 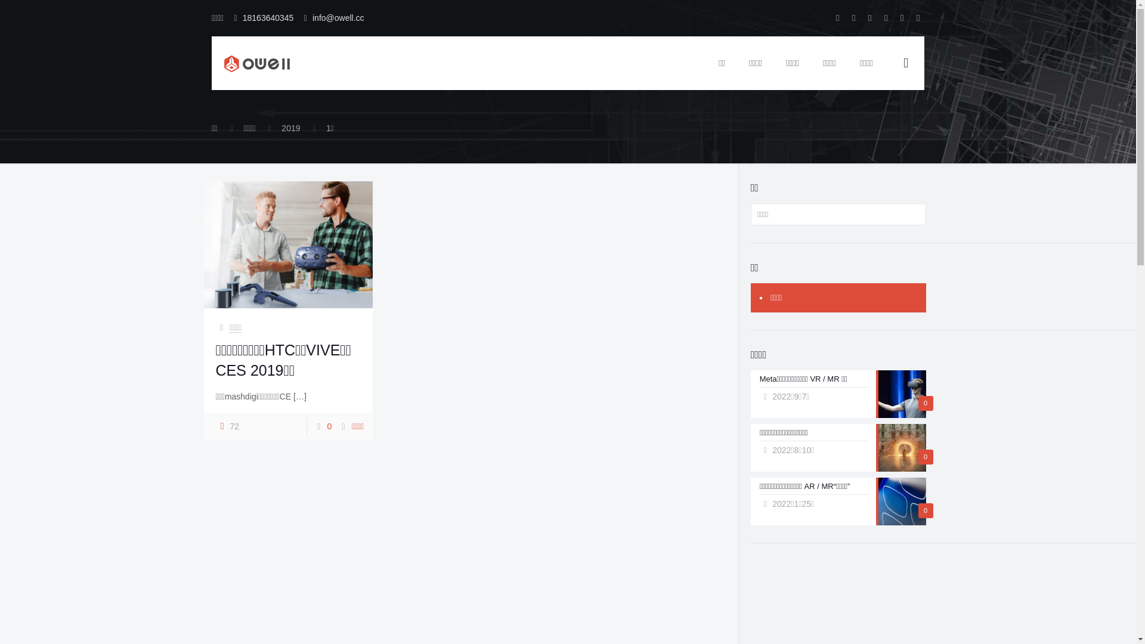 I want to click on '72', so click(x=228, y=425).